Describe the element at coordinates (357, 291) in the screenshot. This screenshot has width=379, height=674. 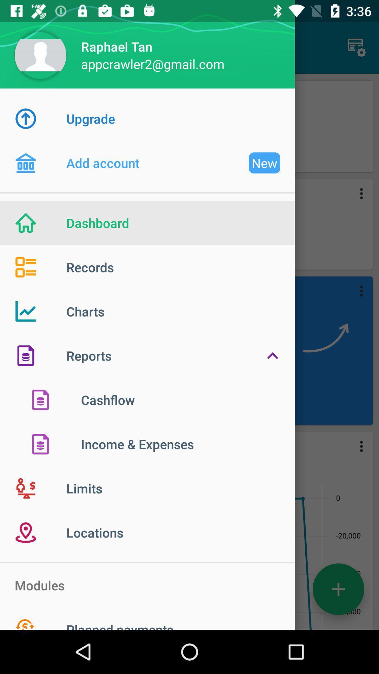
I see `third icon from top` at that location.